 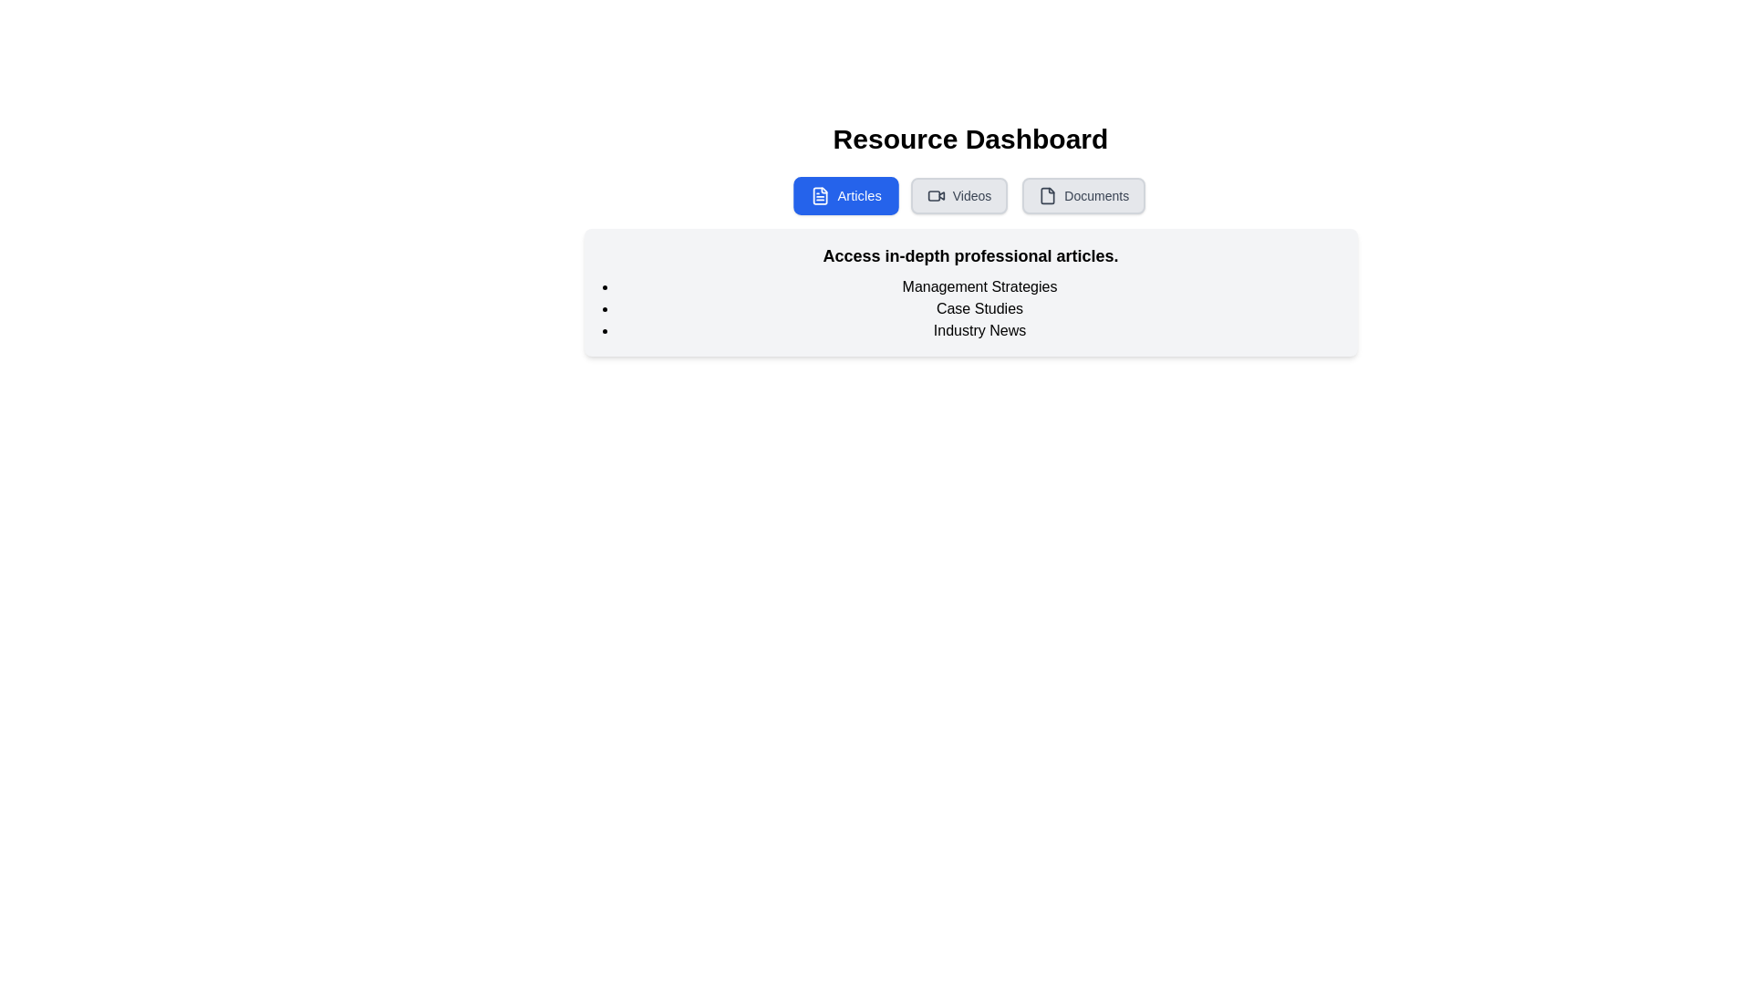 I want to click on the 'Documents' tab icon, which is the first element beside the text 'Documents' in the horizontal bar of tabs located at the top center of the main content area, so click(x=1048, y=196).